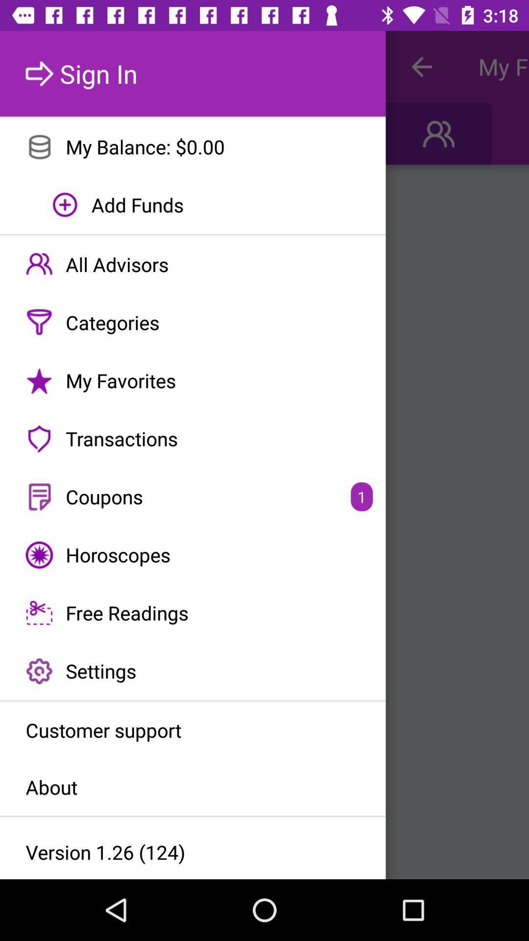 Image resolution: width=529 pixels, height=941 pixels. What do you see at coordinates (421, 66) in the screenshot?
I see `the icon next to sign in icon` at bounding box center [421, 66].